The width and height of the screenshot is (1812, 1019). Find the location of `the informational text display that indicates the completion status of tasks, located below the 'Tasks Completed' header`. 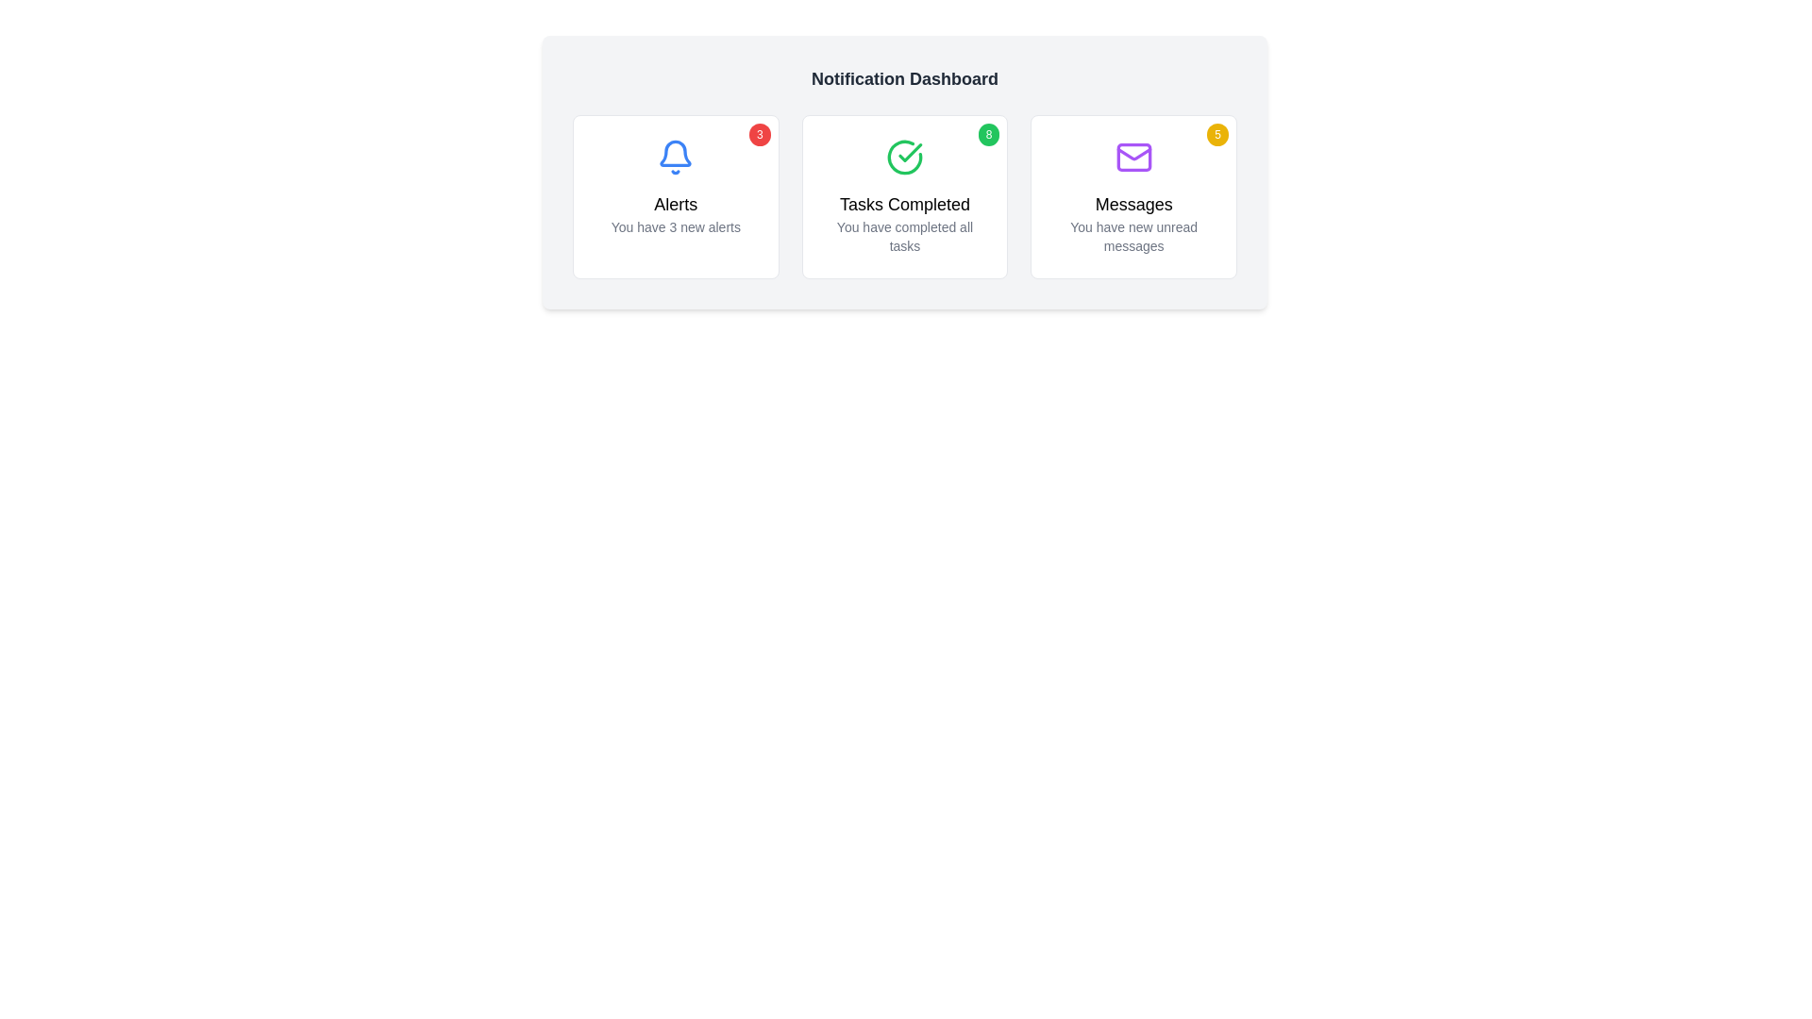

the informational text display that indicates the completion status of tasks, located below the 'Tasks Completed' header is located at coordinates (904, 235).